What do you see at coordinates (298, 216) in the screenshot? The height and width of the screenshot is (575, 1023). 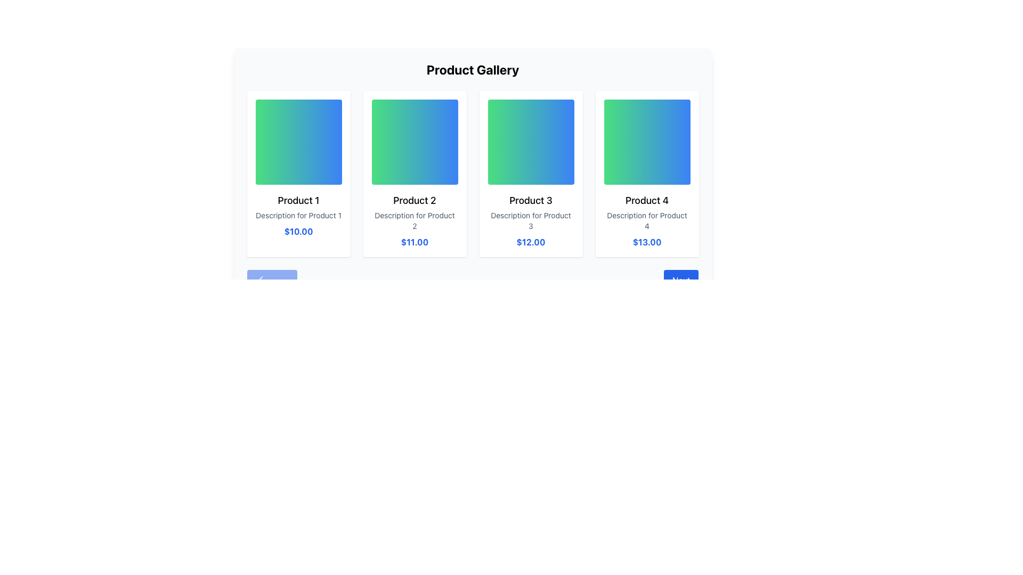 I see `the text label that describes the product displayed in the first card of the product grid, located below the title 'Product 1' and above the price label '$10.00'` at bounding box center [298, 216].